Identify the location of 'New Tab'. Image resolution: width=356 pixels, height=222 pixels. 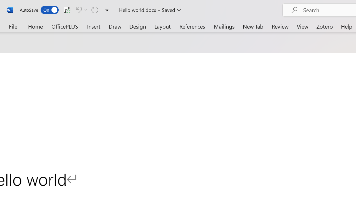
(253, 26).